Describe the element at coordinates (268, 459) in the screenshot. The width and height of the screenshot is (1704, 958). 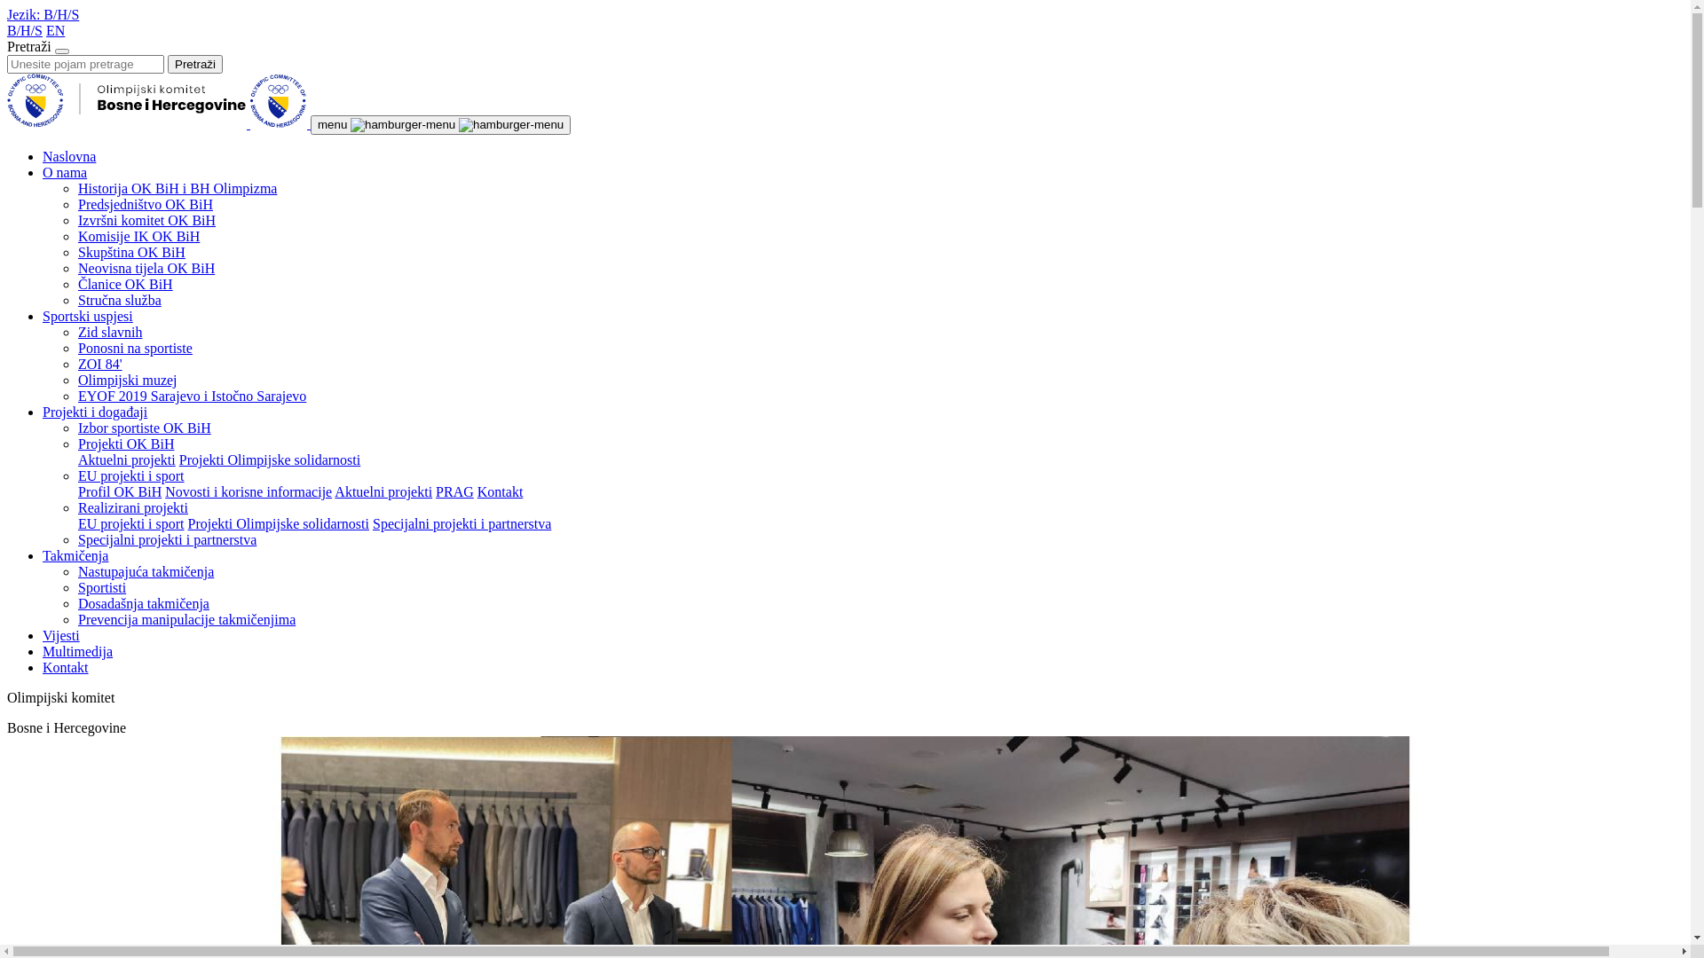
I see `'Projekti Olimpijske solidarnosti'` at that location.